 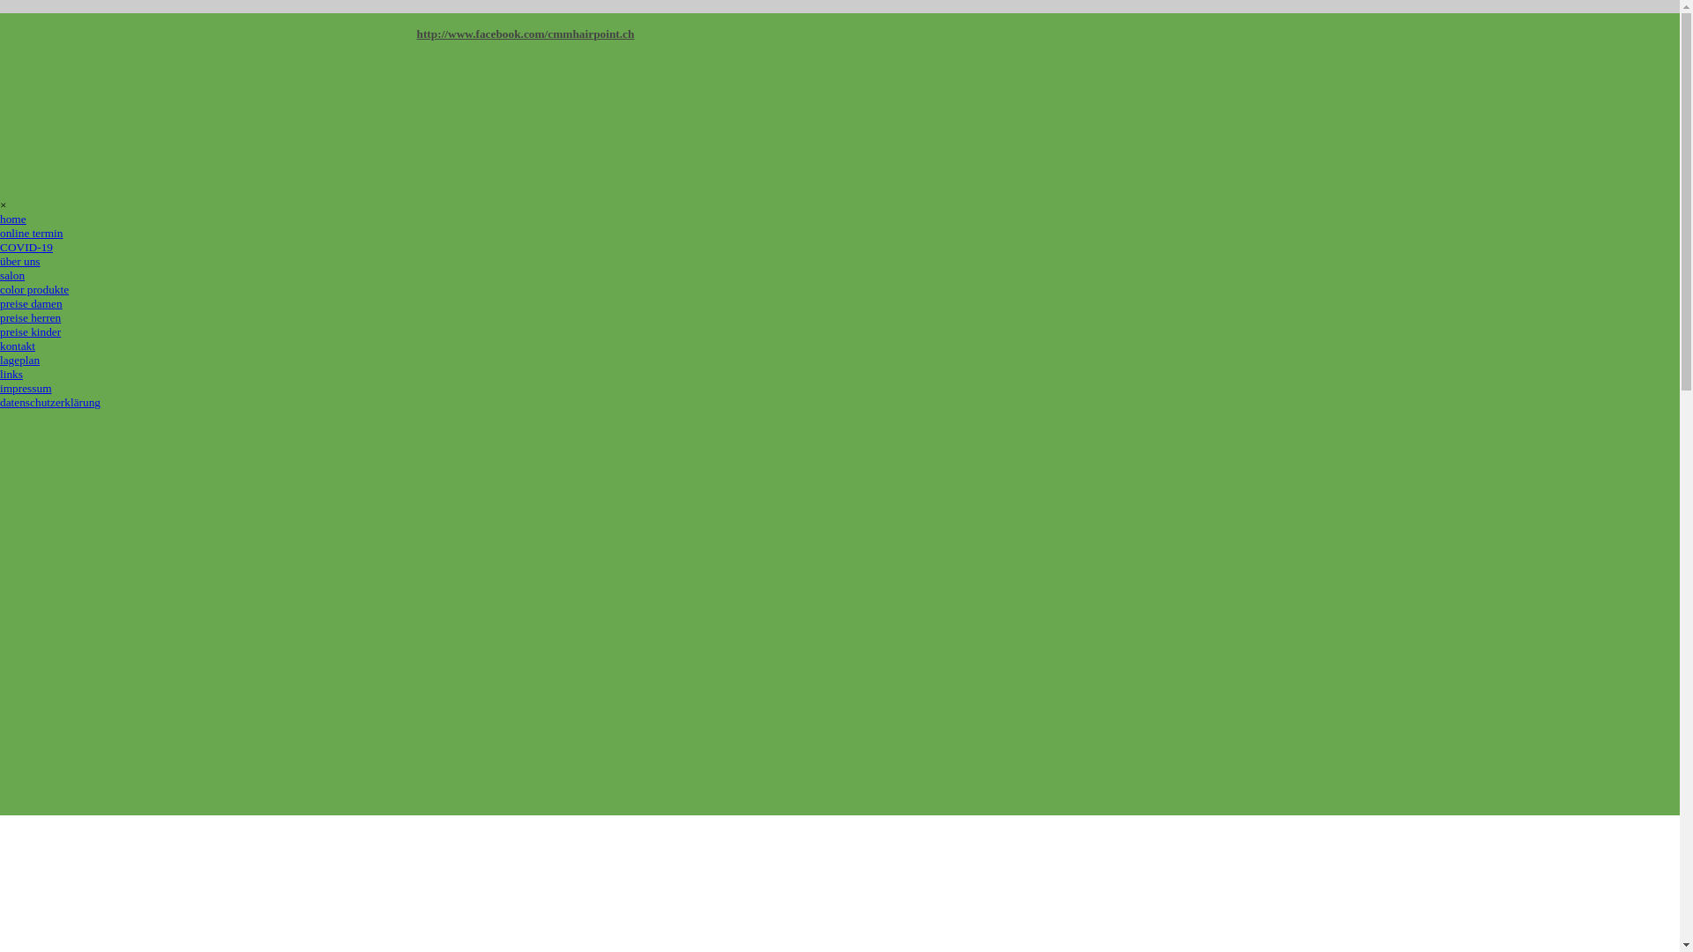 I want to click on 'color produkte', so click(x=34, y=288).